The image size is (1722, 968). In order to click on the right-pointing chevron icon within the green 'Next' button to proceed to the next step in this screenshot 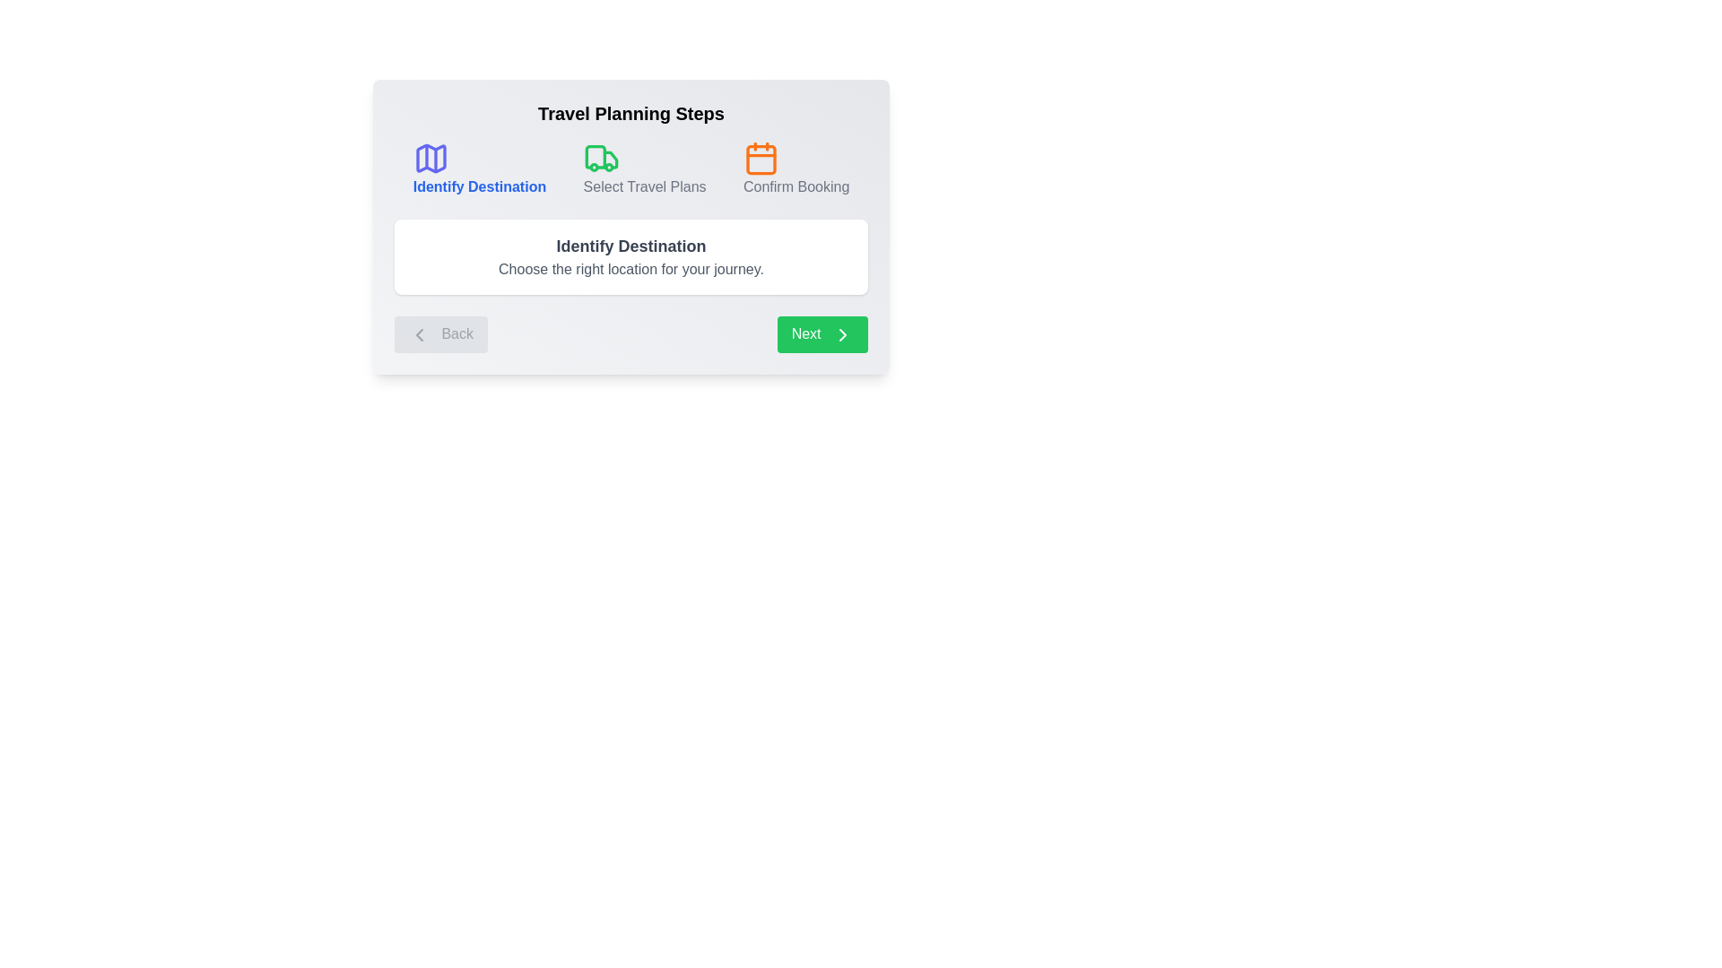, I will do `click(842, 334)`.